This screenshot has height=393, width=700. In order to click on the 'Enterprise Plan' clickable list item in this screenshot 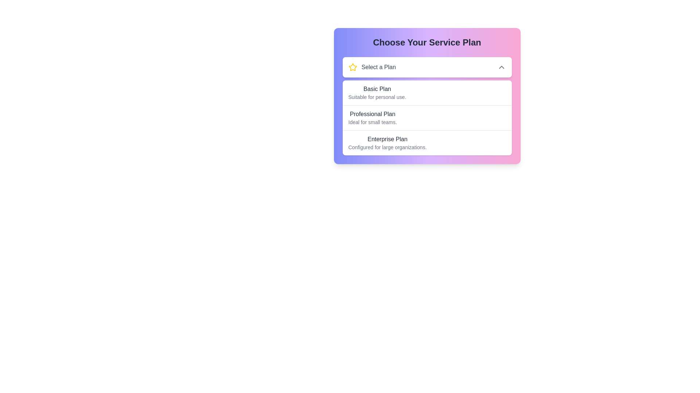, I will do `click(427, 143)`.